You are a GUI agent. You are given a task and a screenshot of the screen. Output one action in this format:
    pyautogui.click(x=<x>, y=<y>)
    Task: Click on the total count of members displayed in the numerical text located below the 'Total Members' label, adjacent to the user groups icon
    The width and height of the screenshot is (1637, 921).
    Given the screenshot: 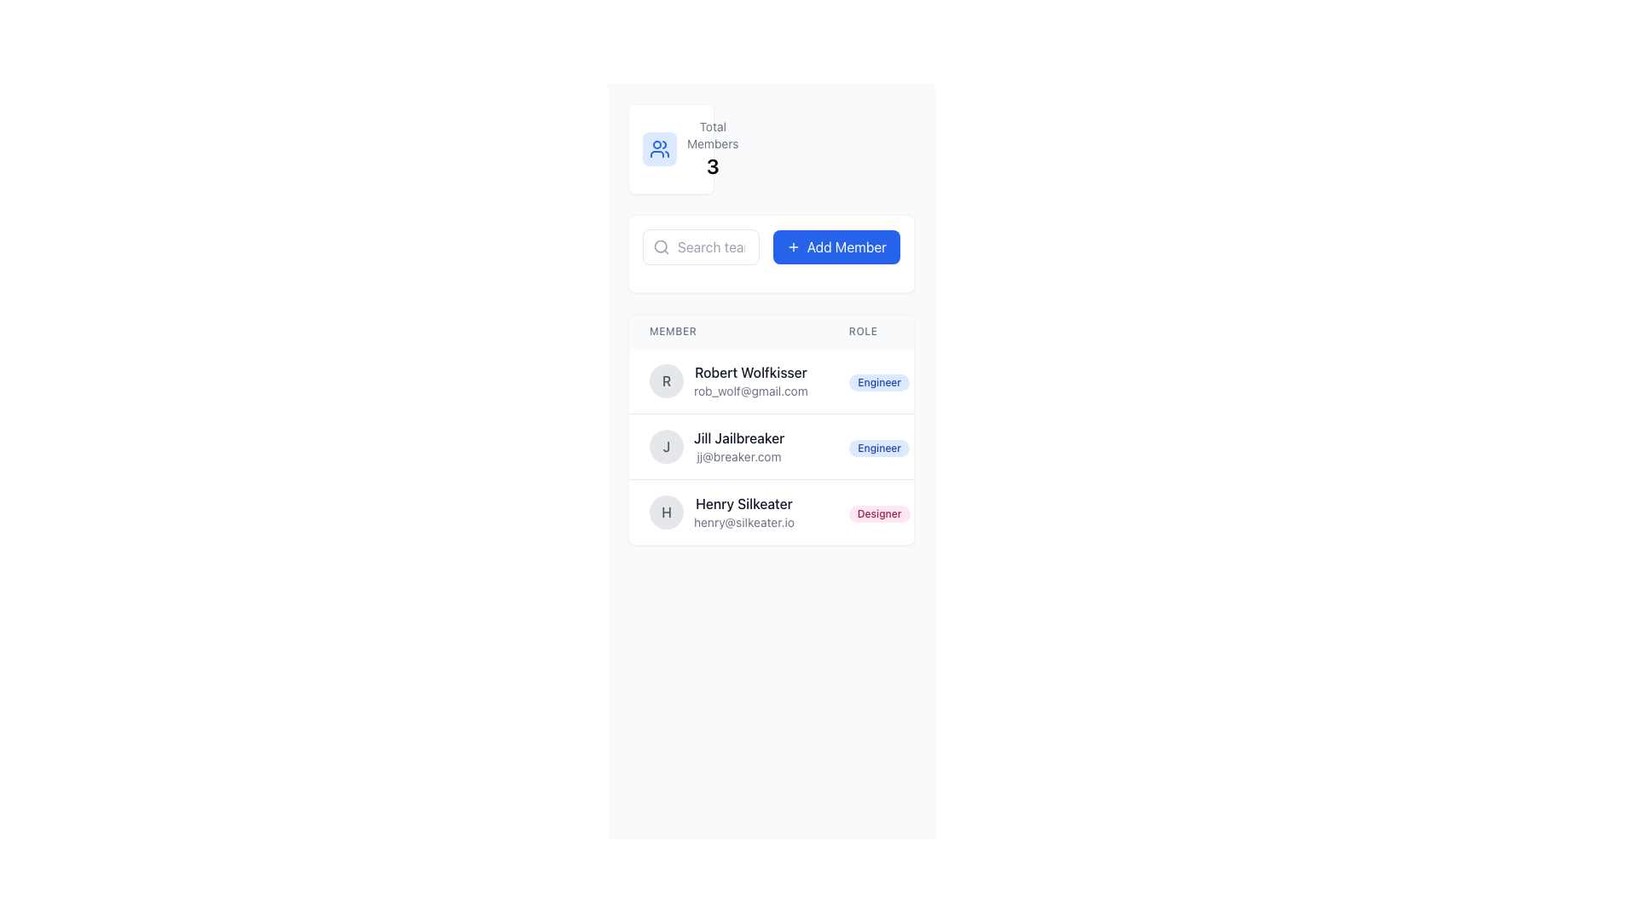 What is the action you would take?
    pyautogui.click(x=713, y=166)
    